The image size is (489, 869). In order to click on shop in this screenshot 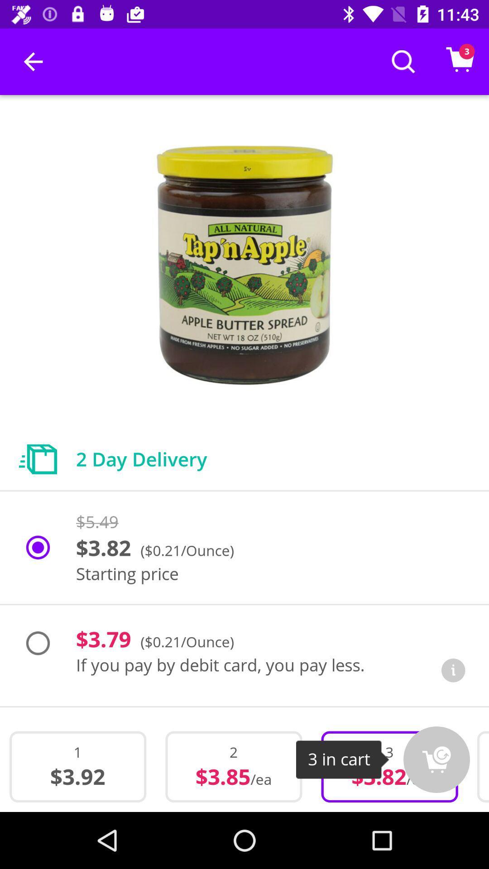, I will do `click(436, 759)`.